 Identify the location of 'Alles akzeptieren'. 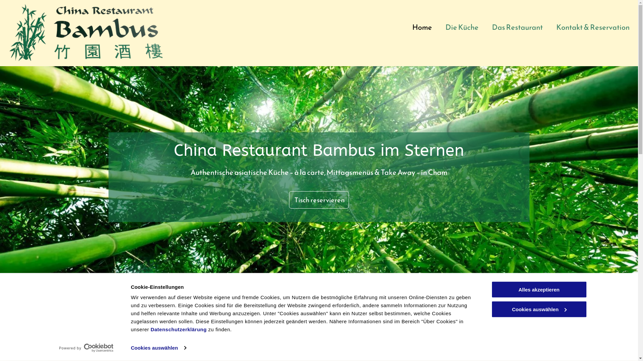
(539, 289).